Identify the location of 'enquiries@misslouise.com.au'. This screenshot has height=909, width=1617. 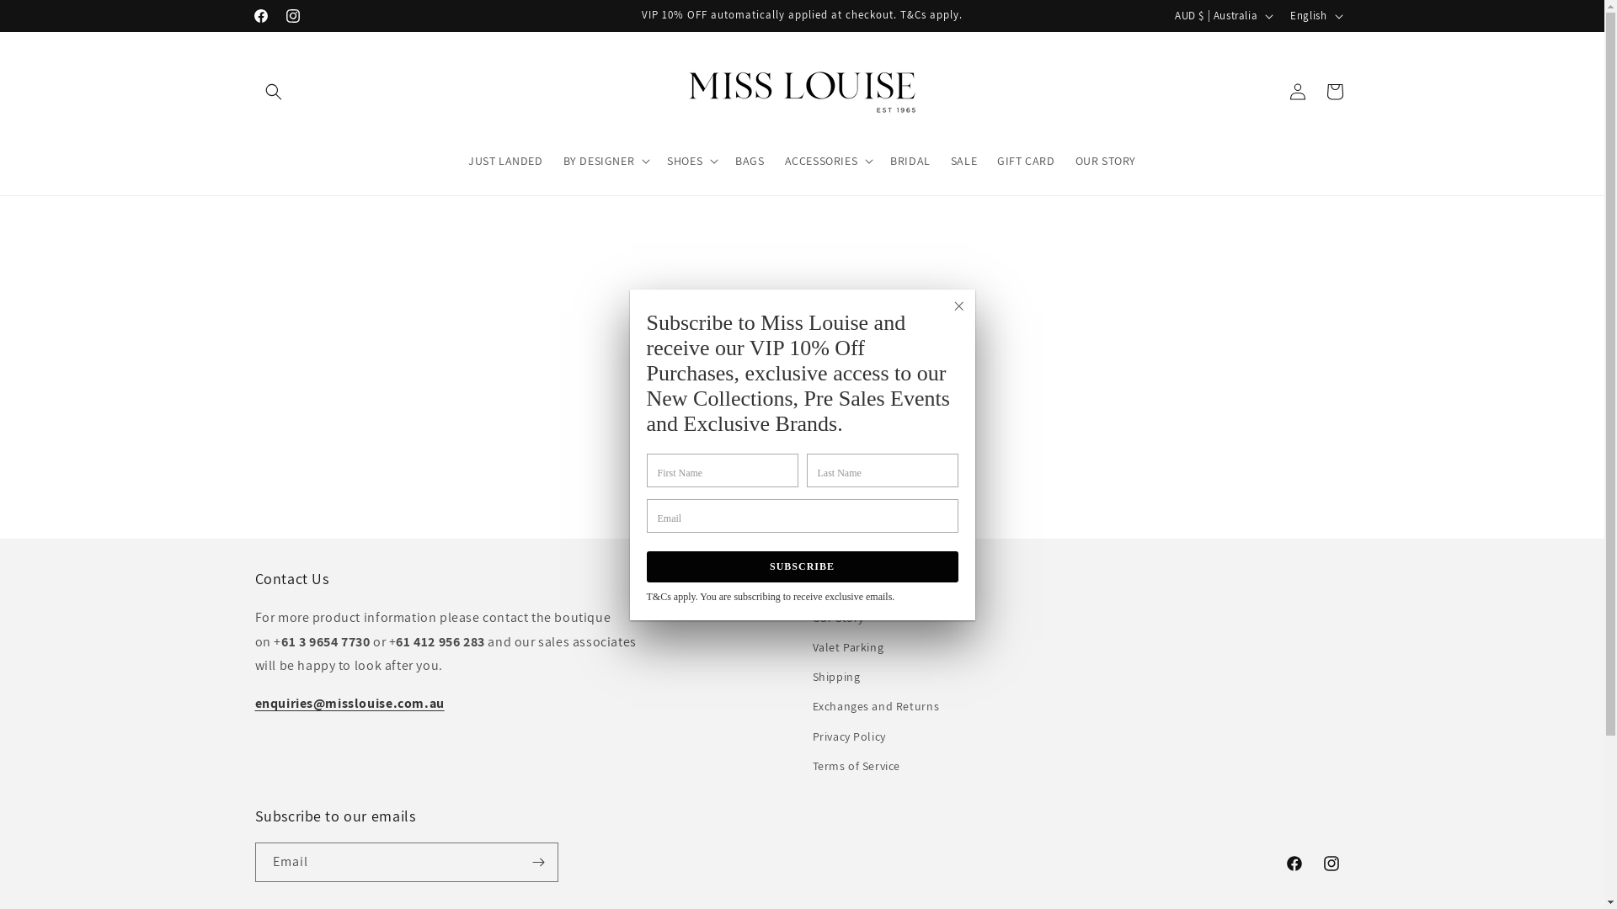
(253, 703).